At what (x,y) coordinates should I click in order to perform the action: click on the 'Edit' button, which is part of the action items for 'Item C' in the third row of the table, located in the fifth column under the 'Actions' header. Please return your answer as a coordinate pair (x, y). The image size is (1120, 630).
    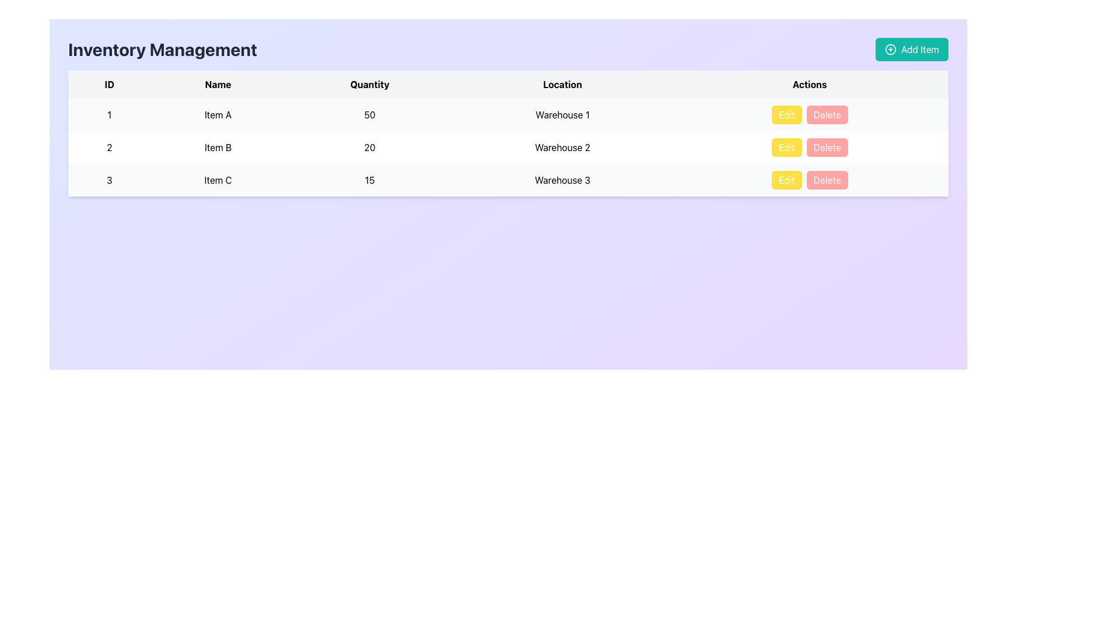
    Looking at the image, I should click on (808, 180).